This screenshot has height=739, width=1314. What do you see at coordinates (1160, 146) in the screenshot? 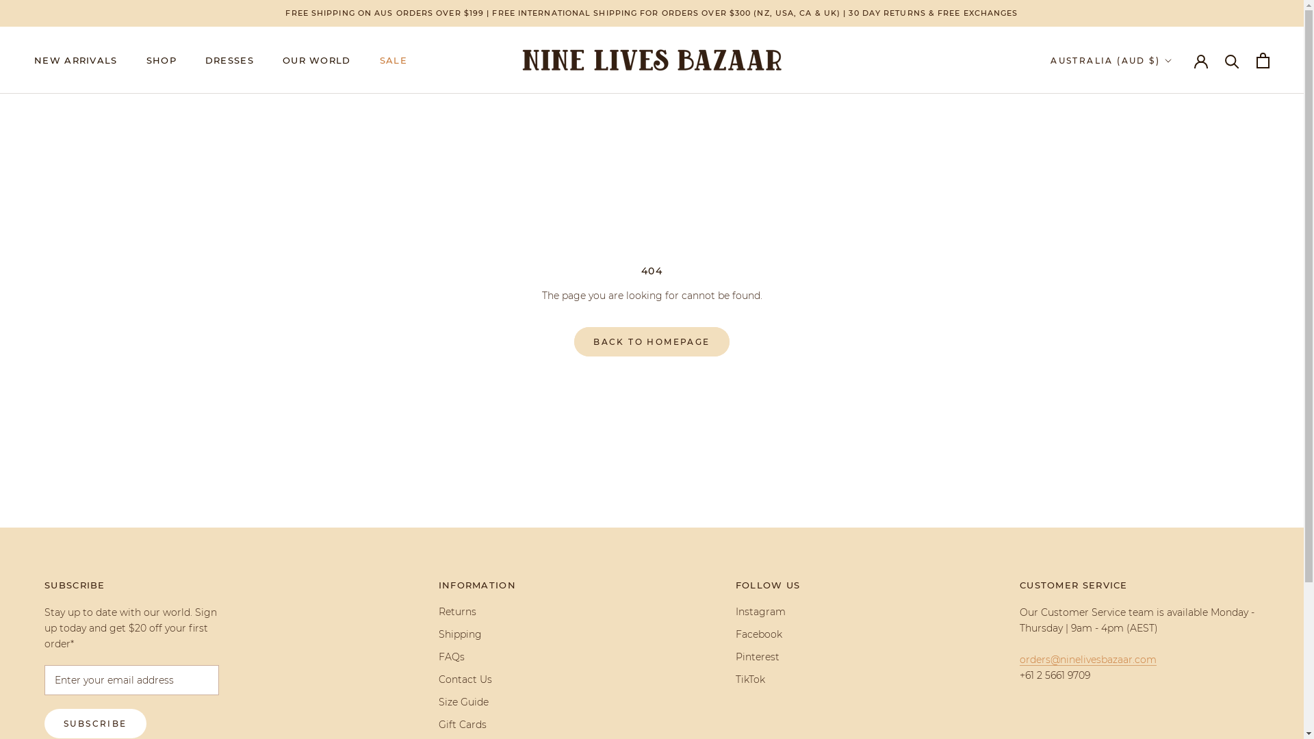
I see `'BE'` at bounding box center [1160, 146].